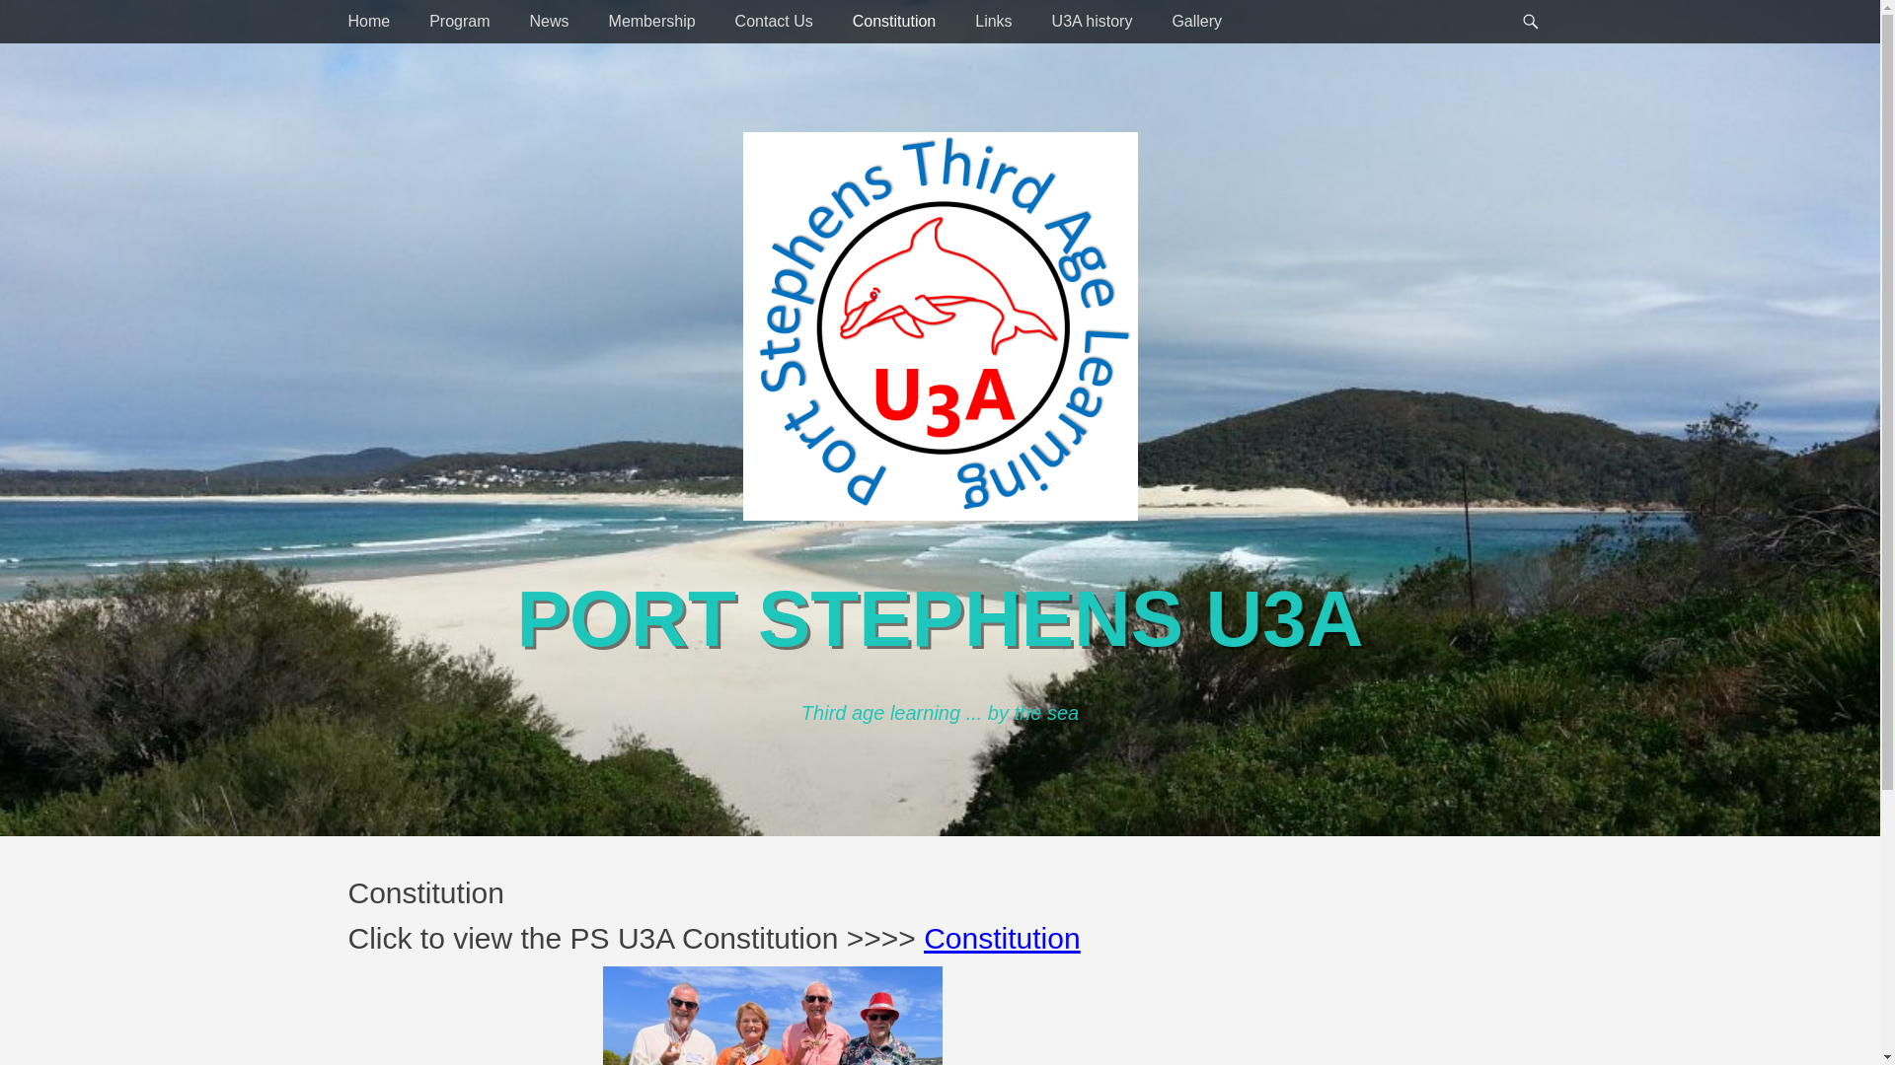  What do you see at coordinates (1031, 22) in the screenshot?
I see `'U3A history'` at bounding box center [1031, 22].